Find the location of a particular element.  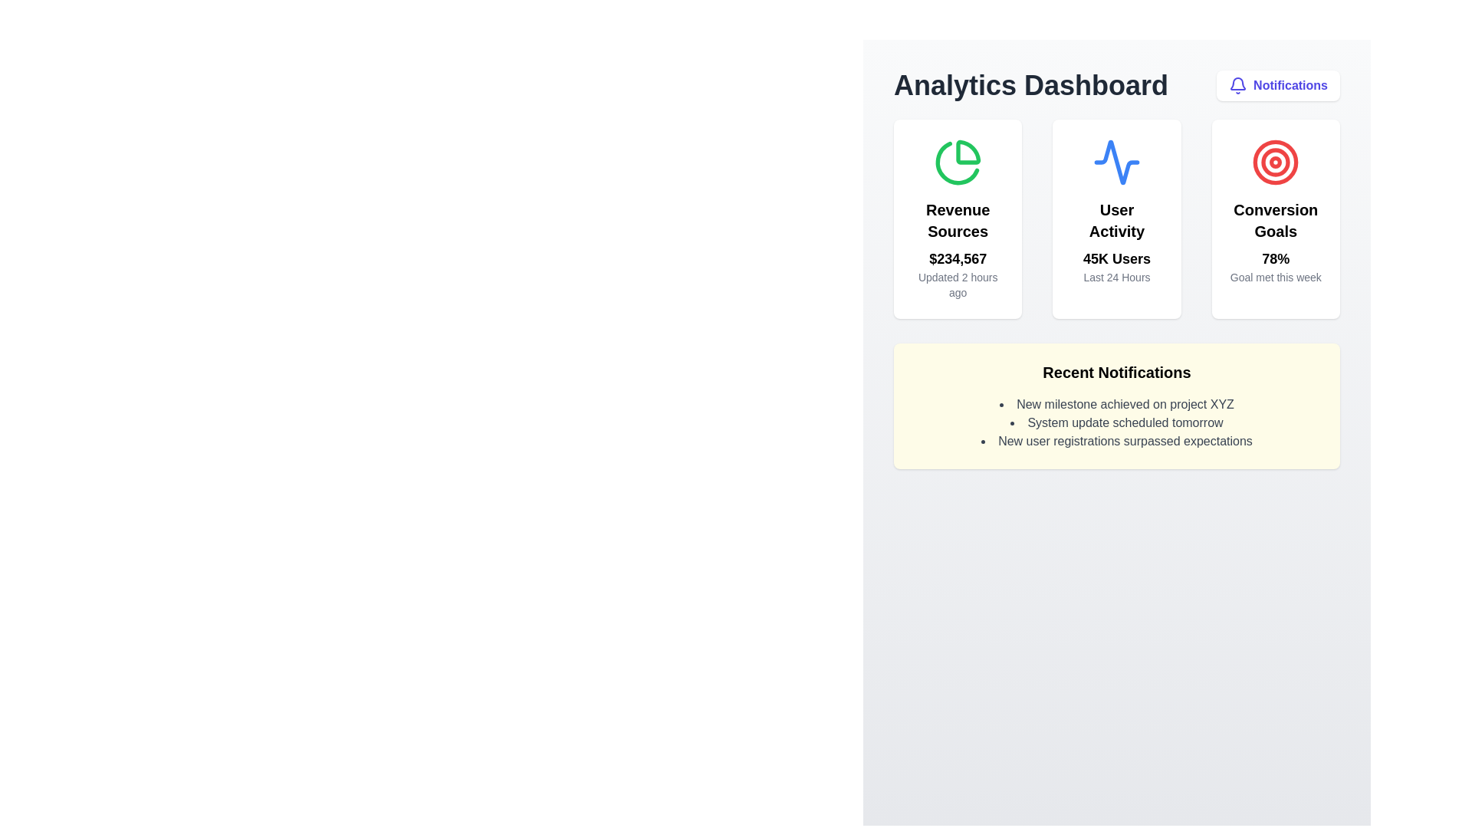

the non-interactive text label providing information about weekly achievement goals, positioned at the bottom of the 'Conversion Goals' card, beneath the '78%' percentage value is located at coordinates (1276, 278).